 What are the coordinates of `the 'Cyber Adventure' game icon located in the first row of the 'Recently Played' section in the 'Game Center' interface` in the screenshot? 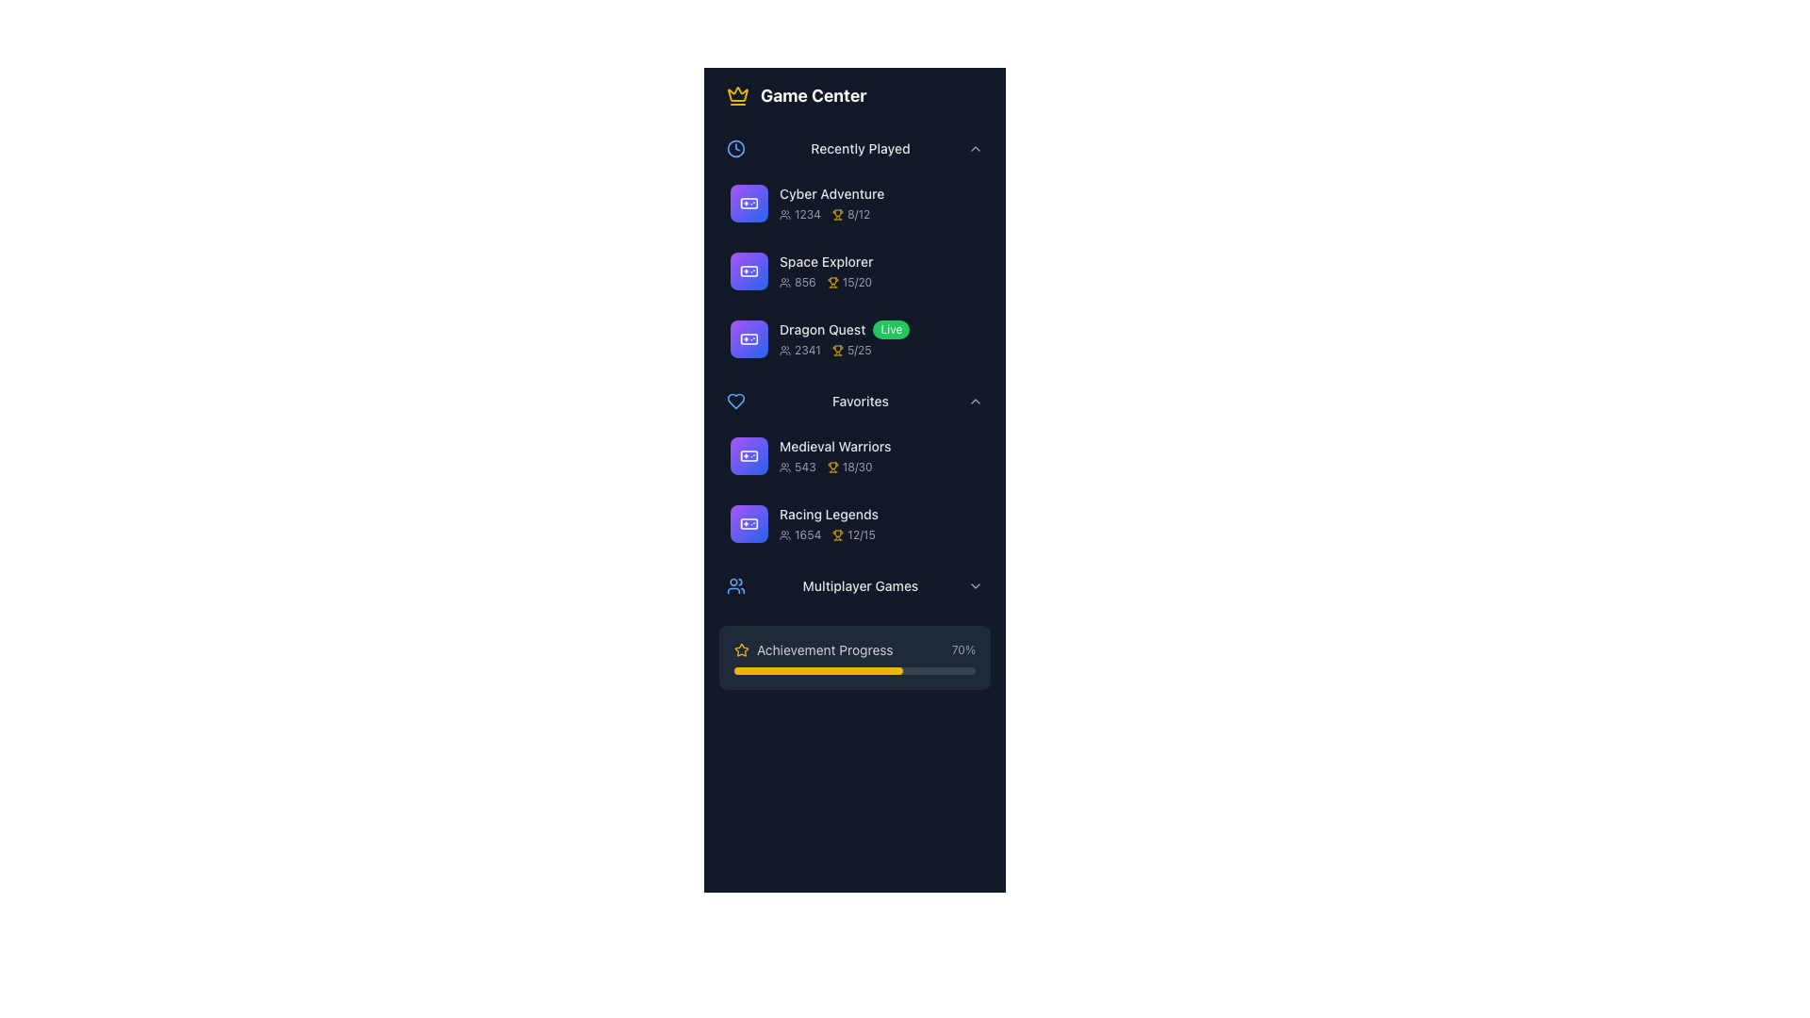 It's located at (749, 204).